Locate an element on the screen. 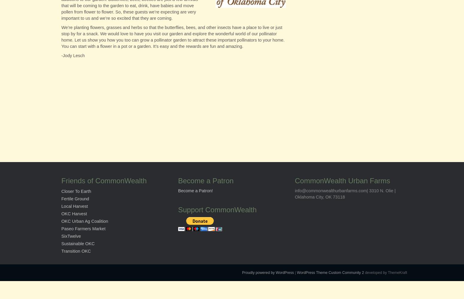 The height and width of the screenshot is (299, 464). 'Closer To Earth' is located at coordinates (61, 191).